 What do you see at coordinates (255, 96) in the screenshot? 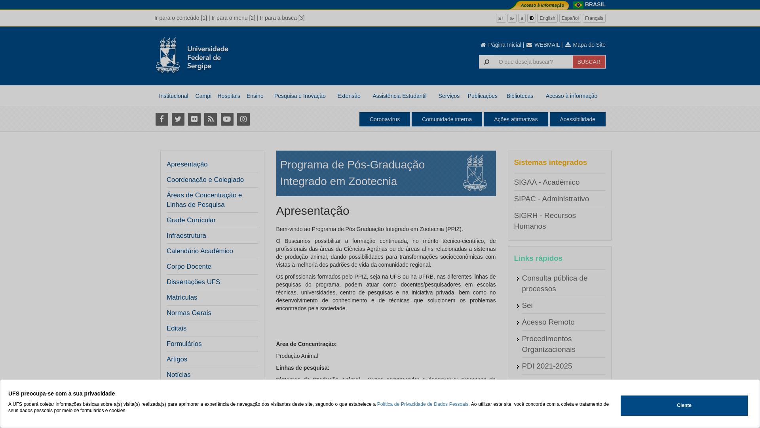
I see `'Ensino'` at bounding box center [255, 96].